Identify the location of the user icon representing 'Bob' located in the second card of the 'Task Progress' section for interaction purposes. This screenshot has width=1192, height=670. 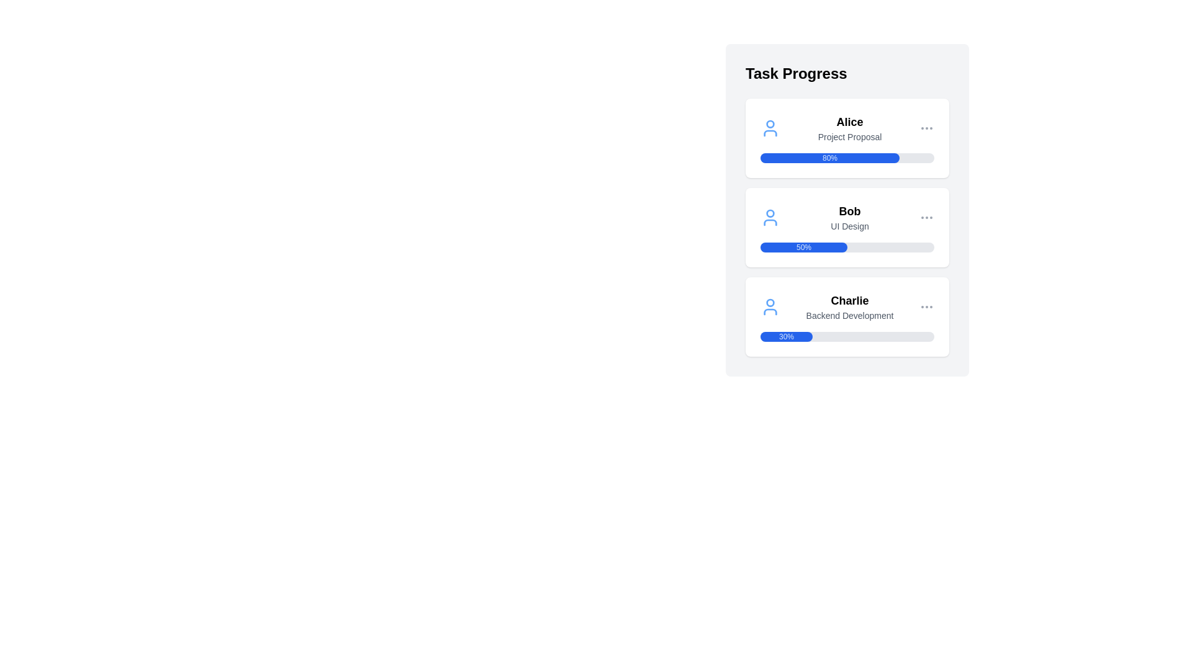
(770, 217).